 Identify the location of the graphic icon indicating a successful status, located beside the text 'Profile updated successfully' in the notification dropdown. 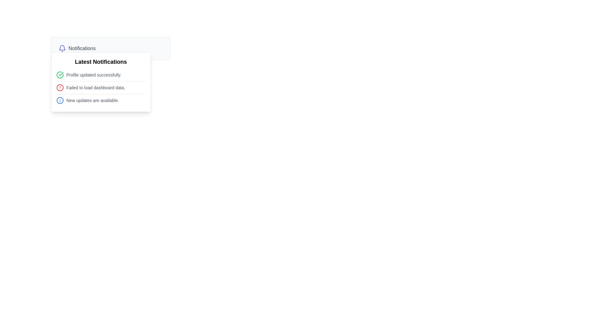
(60, 74).